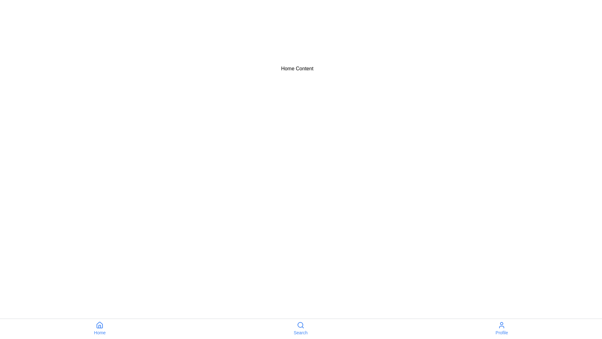  I want to click on the Circle graphic element located within the magnifying glass icon in the bottom navigation bar under the label 'Search.', so click(300, 325).